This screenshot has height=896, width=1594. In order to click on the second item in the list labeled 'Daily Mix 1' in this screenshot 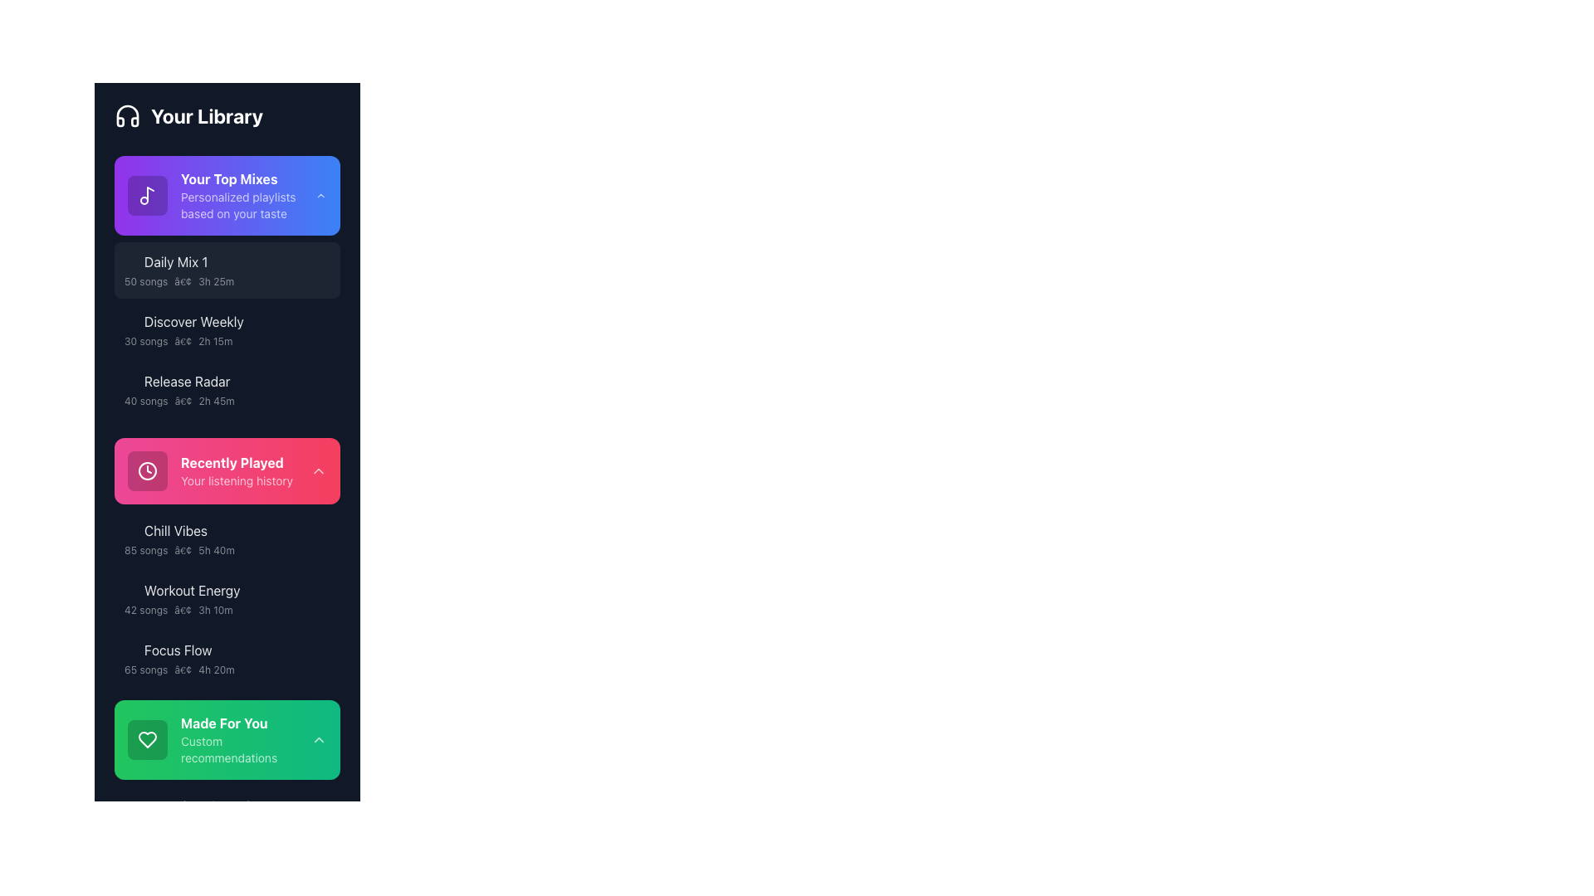, I will do `click(218, 270)`.